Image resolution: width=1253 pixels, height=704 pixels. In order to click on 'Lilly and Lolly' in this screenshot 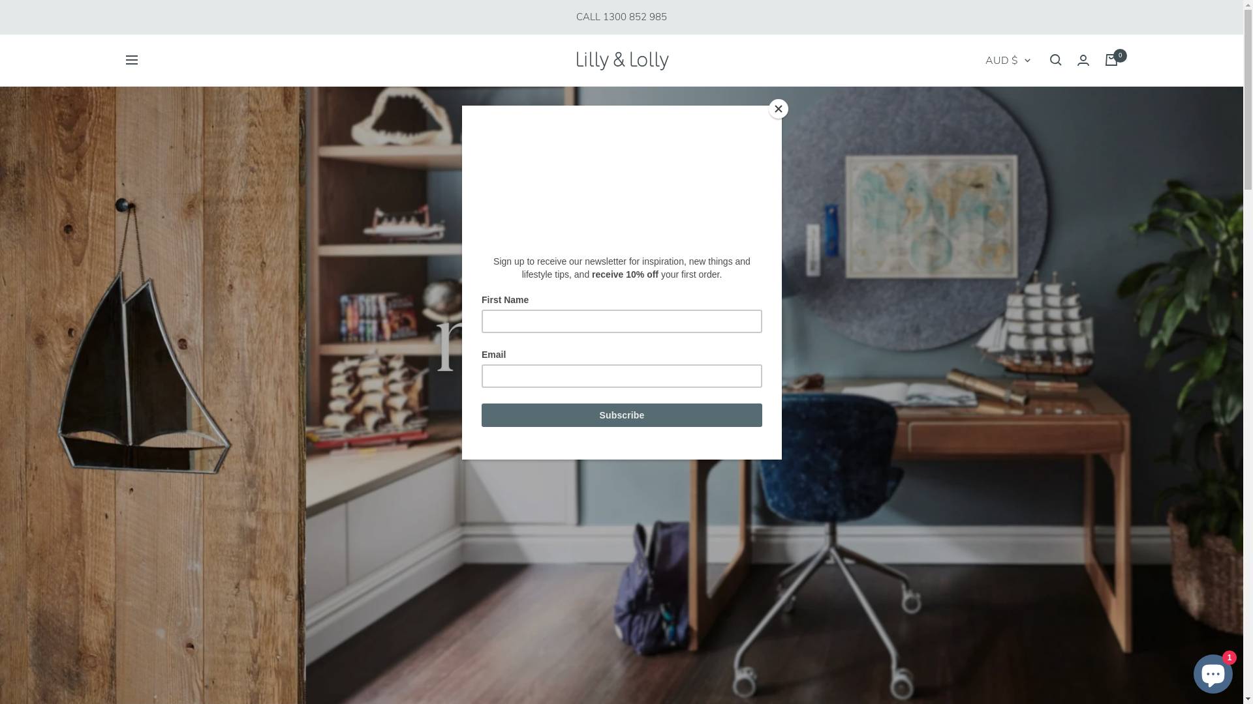, I will do `click(620, 60)`.